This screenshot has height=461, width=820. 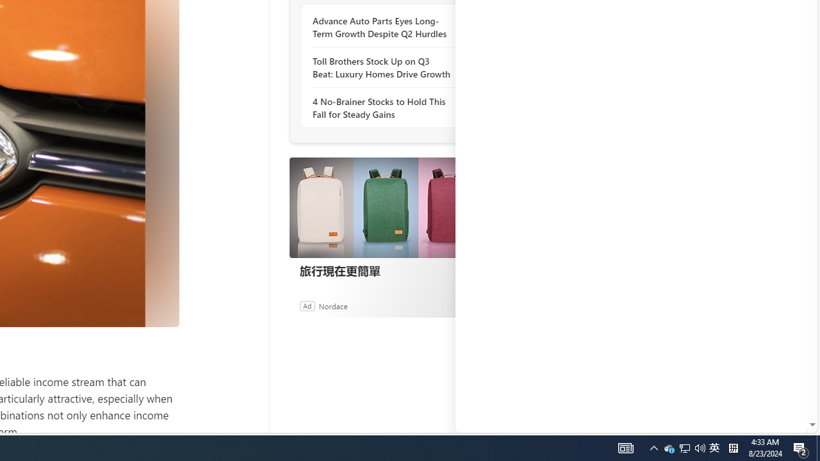 I want to click on 'Advance Auto Parts Eyes Long-Term Growth Despite Q2 Hurdles', so click(x=381, y=28).